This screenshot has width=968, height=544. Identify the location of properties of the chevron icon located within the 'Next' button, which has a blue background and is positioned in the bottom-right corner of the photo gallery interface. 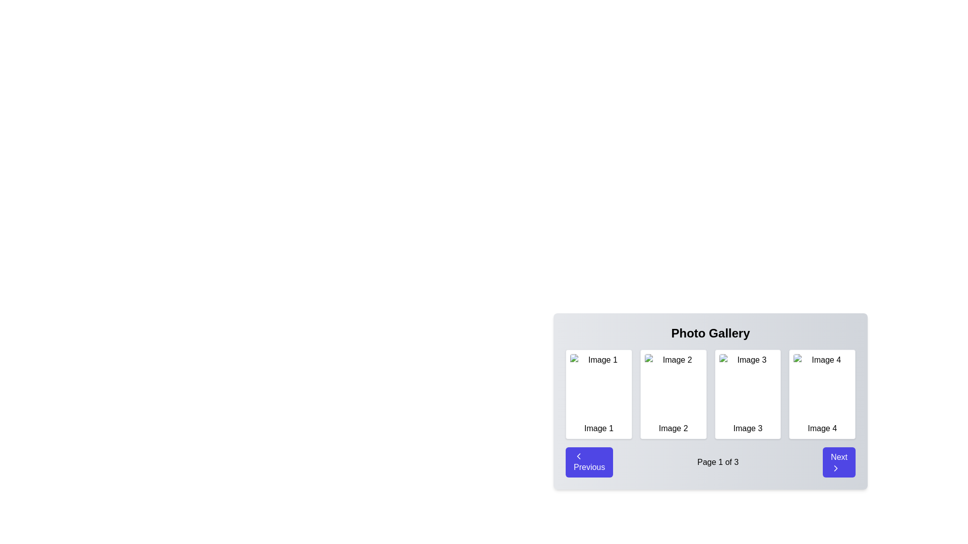
(836, 468).